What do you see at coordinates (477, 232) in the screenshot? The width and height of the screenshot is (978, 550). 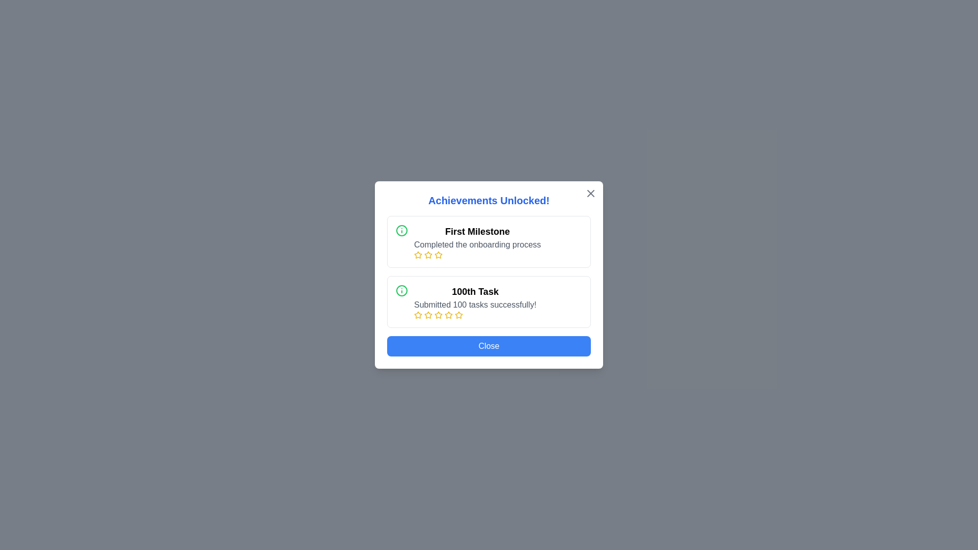 I see `the Text label at the top of the first achievement card, which identifies the milestone described in the card` at bounding box center [477, 232].